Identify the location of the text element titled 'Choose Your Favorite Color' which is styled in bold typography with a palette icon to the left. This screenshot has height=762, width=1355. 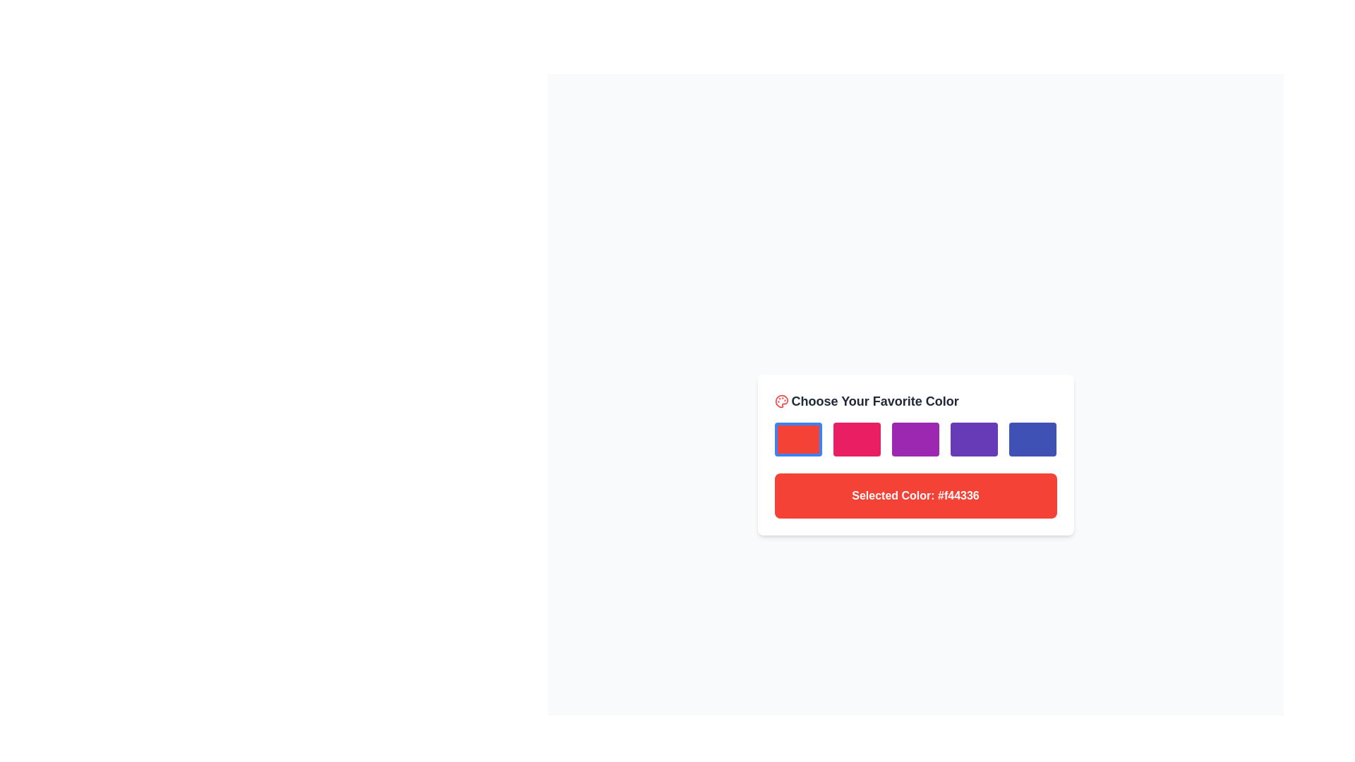
(915, 401).